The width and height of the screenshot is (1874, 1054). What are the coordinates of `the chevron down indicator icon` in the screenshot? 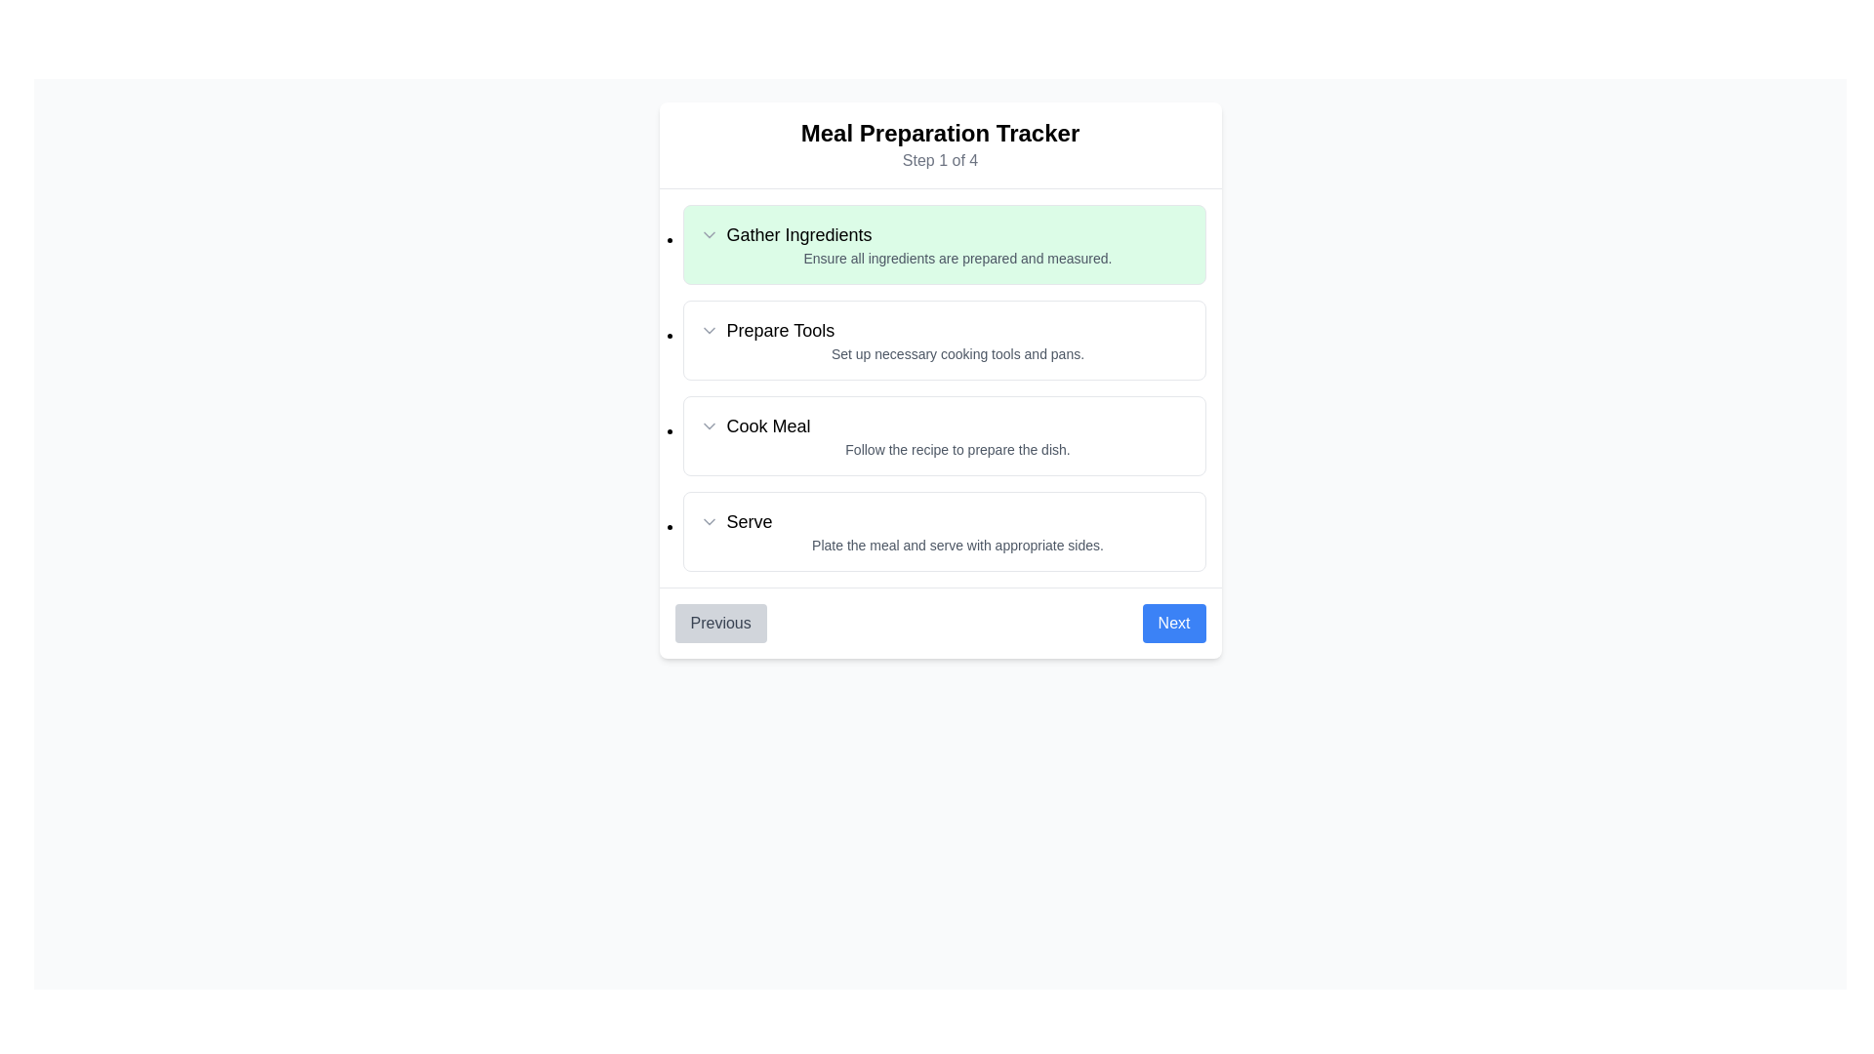 It's located at (708, 233).